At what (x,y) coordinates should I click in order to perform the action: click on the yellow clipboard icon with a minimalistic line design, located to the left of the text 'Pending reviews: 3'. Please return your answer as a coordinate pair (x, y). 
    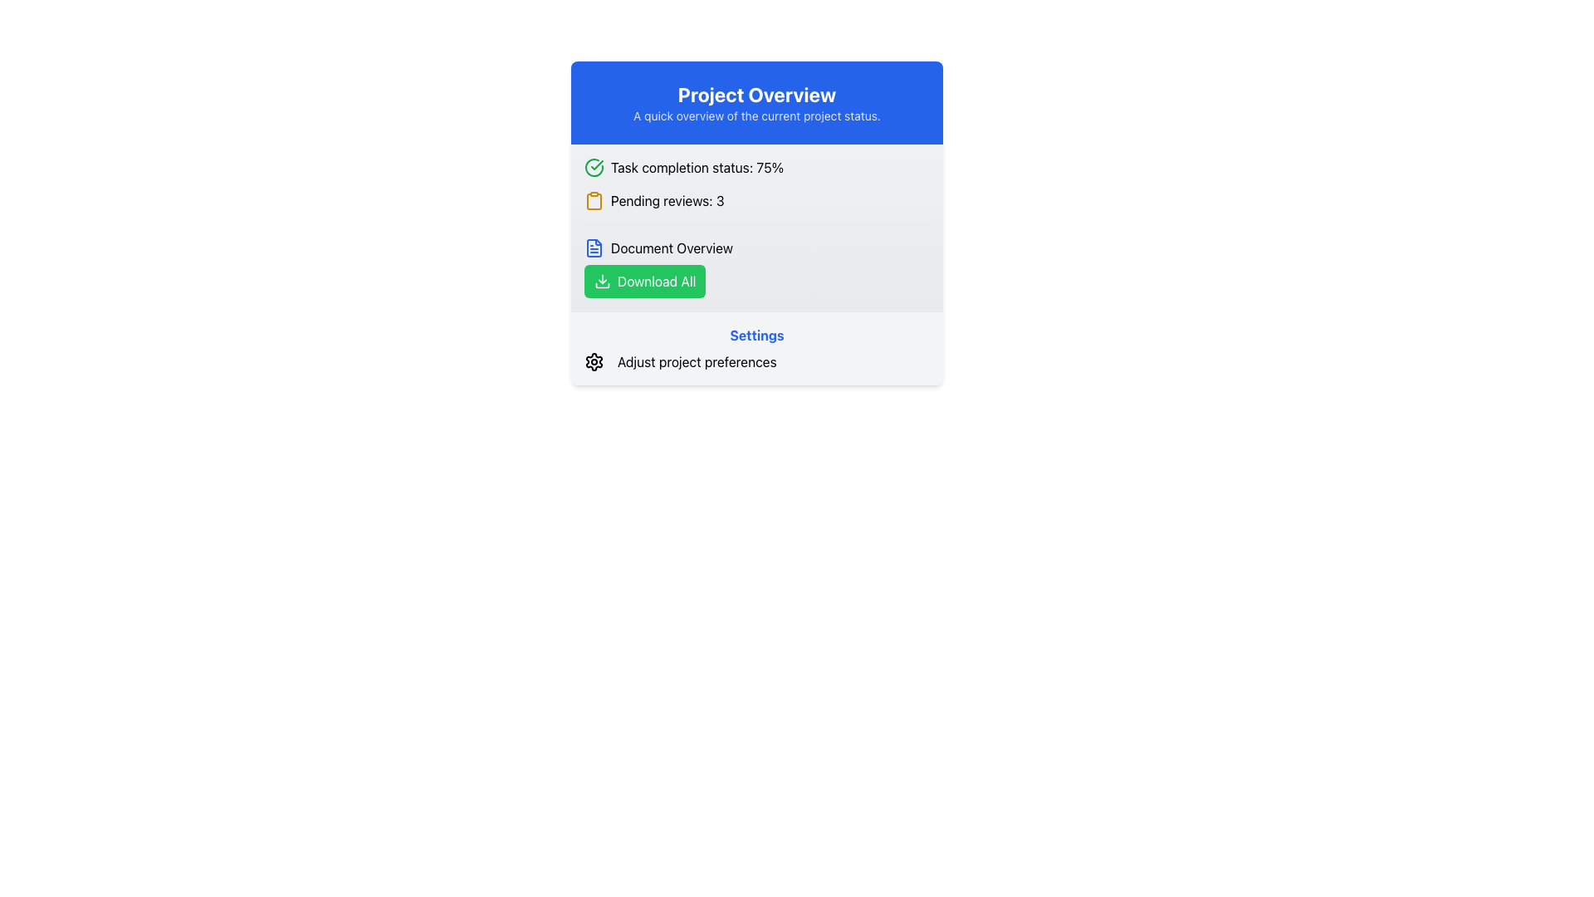
    Looking at the image, I should click on (594, 200).